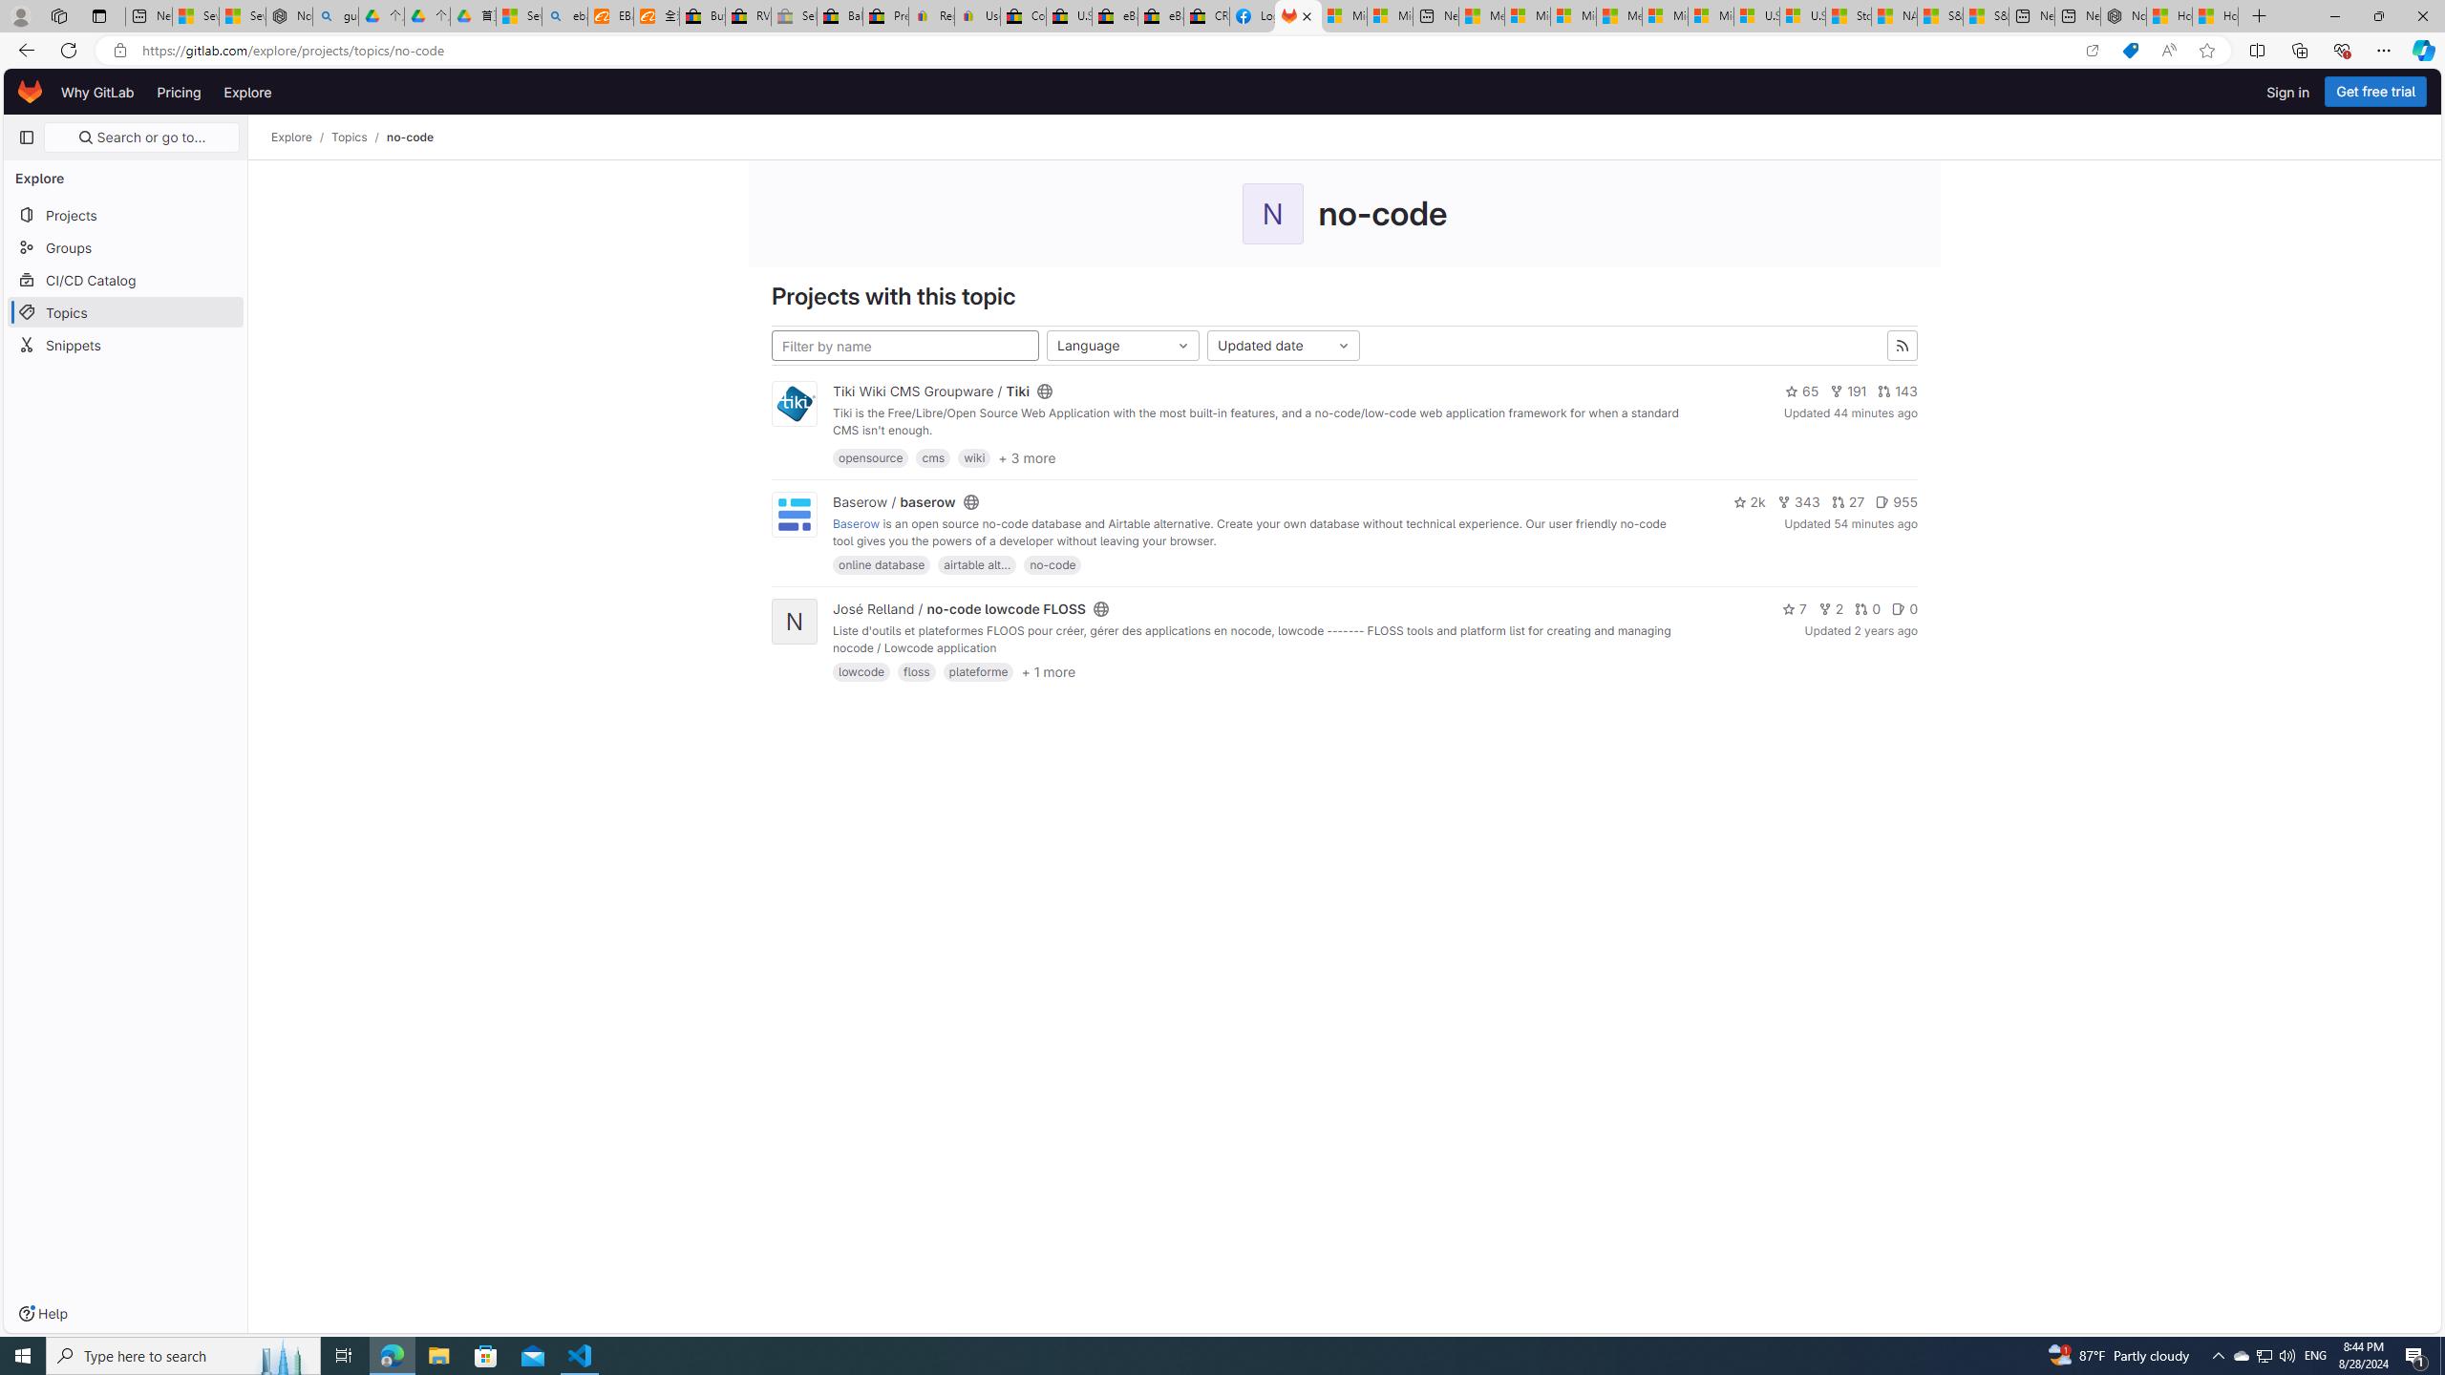 This screenshot has width=2445, height=1375. What do you see at coordinates (1284, 345) in the screenshot?
I see `'Updated date'` at bounding box center [1284, 345].